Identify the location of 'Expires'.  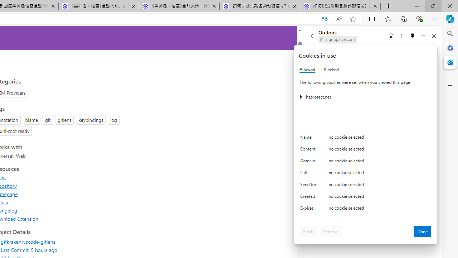
(310, 210).